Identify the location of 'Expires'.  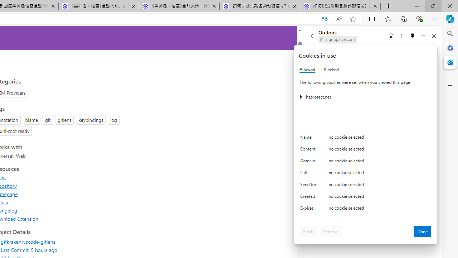
(310, 210).